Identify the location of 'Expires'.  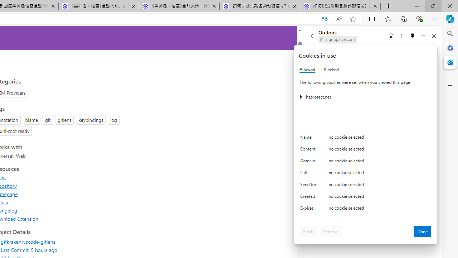
(310, 210).